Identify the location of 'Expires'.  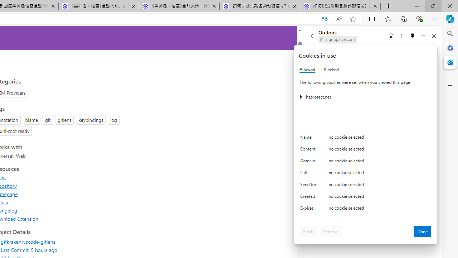
(310, 210).